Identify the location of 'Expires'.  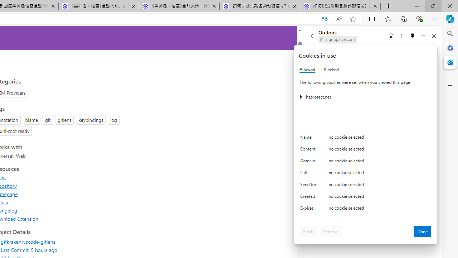
(310, 210).